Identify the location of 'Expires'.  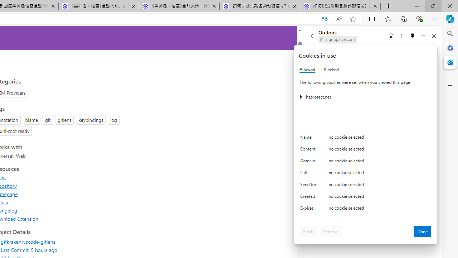
(310, 210).